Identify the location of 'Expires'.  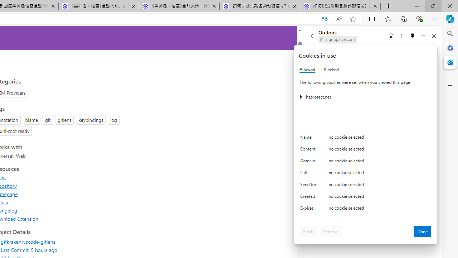
(310, 210).